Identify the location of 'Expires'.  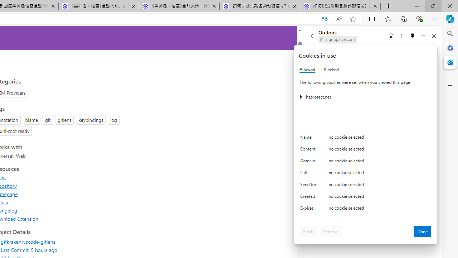
(310, 210).